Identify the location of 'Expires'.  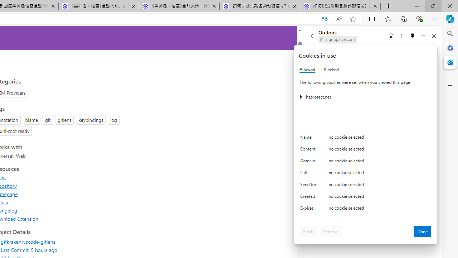
(310, 210).